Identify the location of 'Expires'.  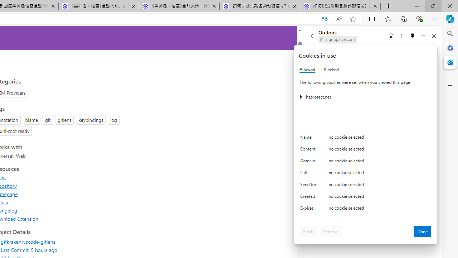
(310, 210).